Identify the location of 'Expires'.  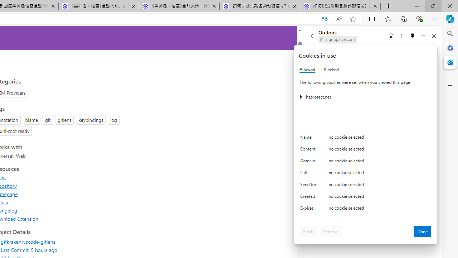
(310, 210).